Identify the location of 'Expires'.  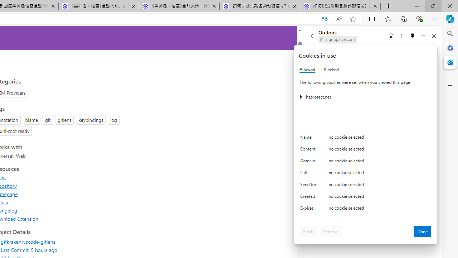
(310, 210).